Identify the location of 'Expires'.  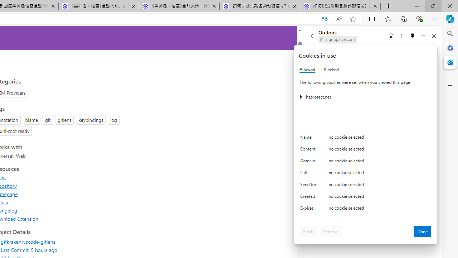
(310, 210).